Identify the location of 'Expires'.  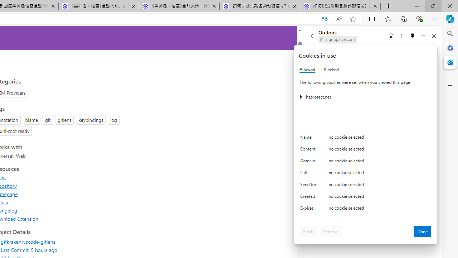
(310, 210).